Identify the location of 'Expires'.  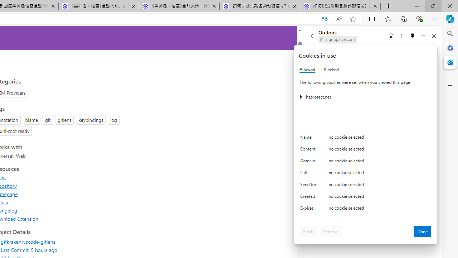
(310, 210).